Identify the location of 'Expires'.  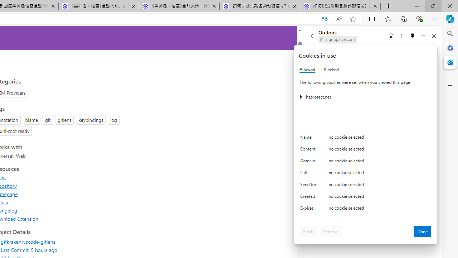
(310, 210).